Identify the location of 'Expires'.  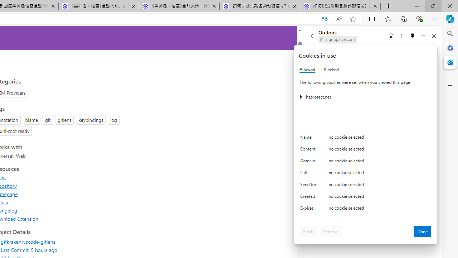
(310, 210).